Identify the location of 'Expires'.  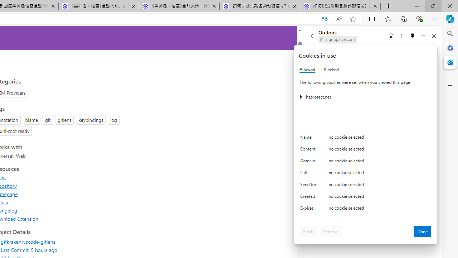
(310, 210).